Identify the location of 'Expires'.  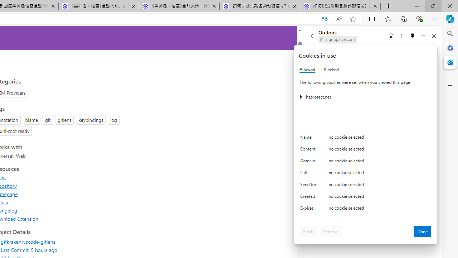
(310, 210).